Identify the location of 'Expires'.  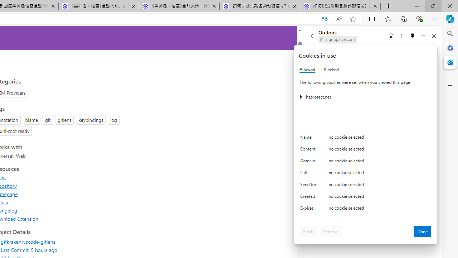
(310, 210).